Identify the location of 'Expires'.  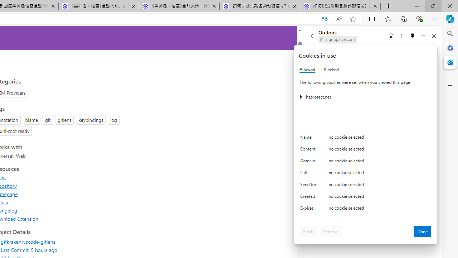
(310, 210).